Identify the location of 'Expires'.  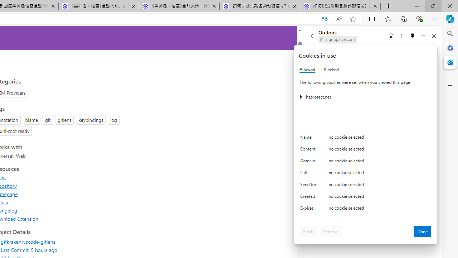
(310, 210).